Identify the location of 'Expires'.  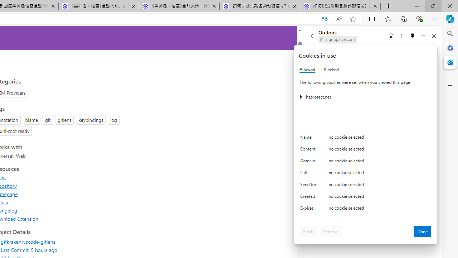
(310, 210).